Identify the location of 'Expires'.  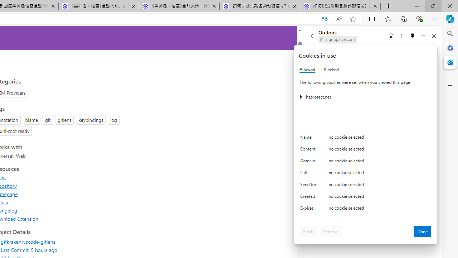
(310, 210).